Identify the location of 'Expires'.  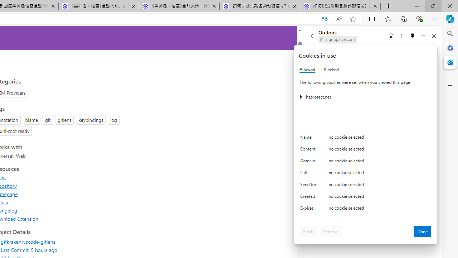
(310, 210).